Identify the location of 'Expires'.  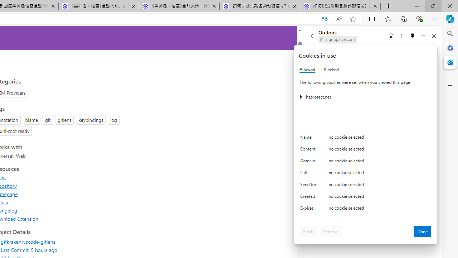
(310, 210).